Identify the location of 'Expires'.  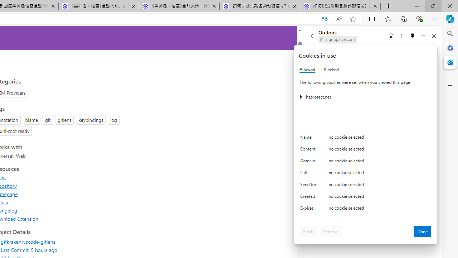
(310, 210).